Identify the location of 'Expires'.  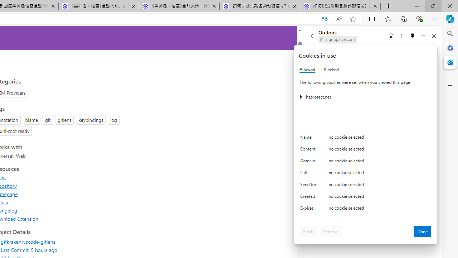
(310, 210).